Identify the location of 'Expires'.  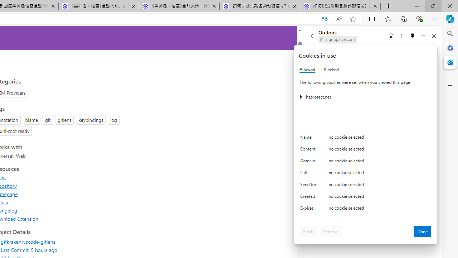
(310, 210).